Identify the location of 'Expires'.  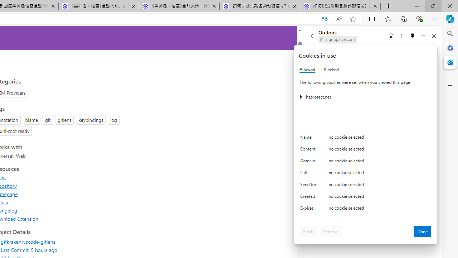
(310, 210).